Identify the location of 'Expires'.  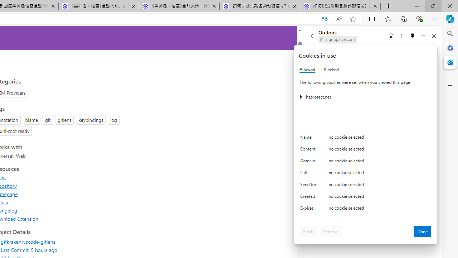
(310, 210).